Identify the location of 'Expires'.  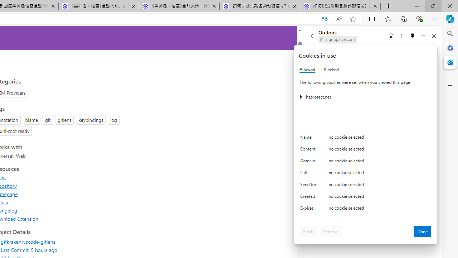
(310, 210).